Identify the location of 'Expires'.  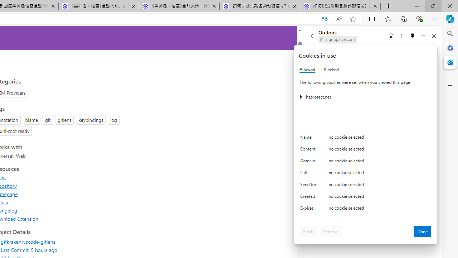
(310, 210).